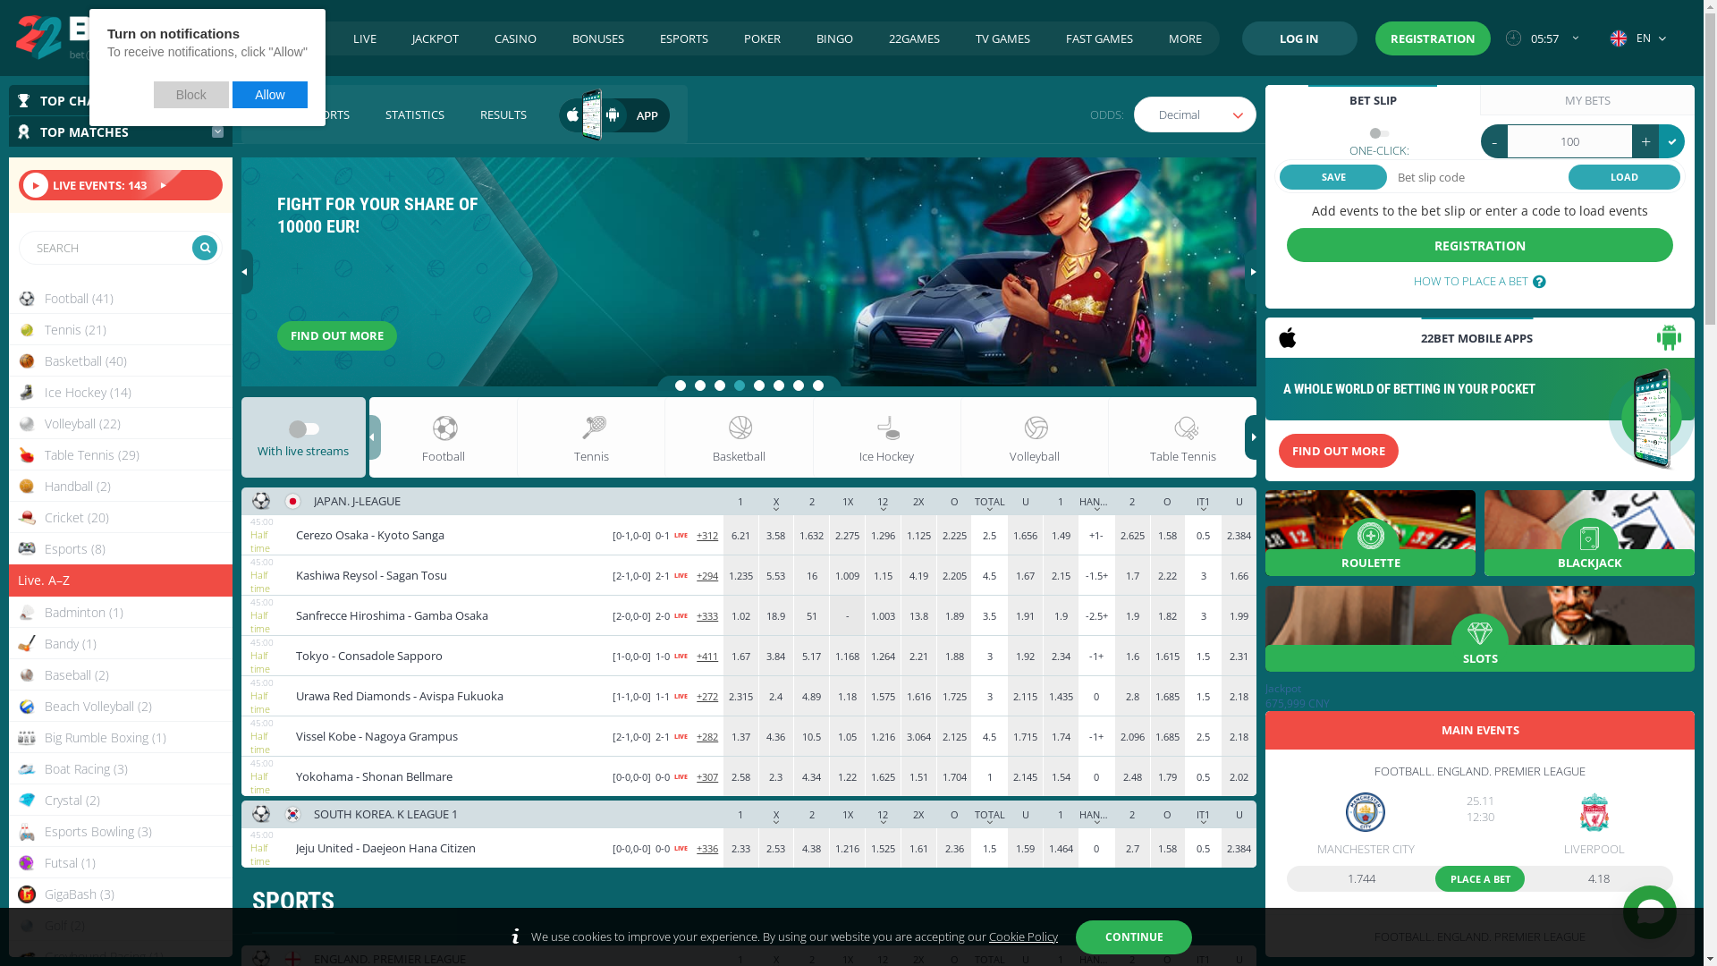 The width and height of the screenshot is (1717, 966). What do you see at coordinates (119, 894) in the screenshot?
I see `'GigaBash` at bounding box center [119, 894].